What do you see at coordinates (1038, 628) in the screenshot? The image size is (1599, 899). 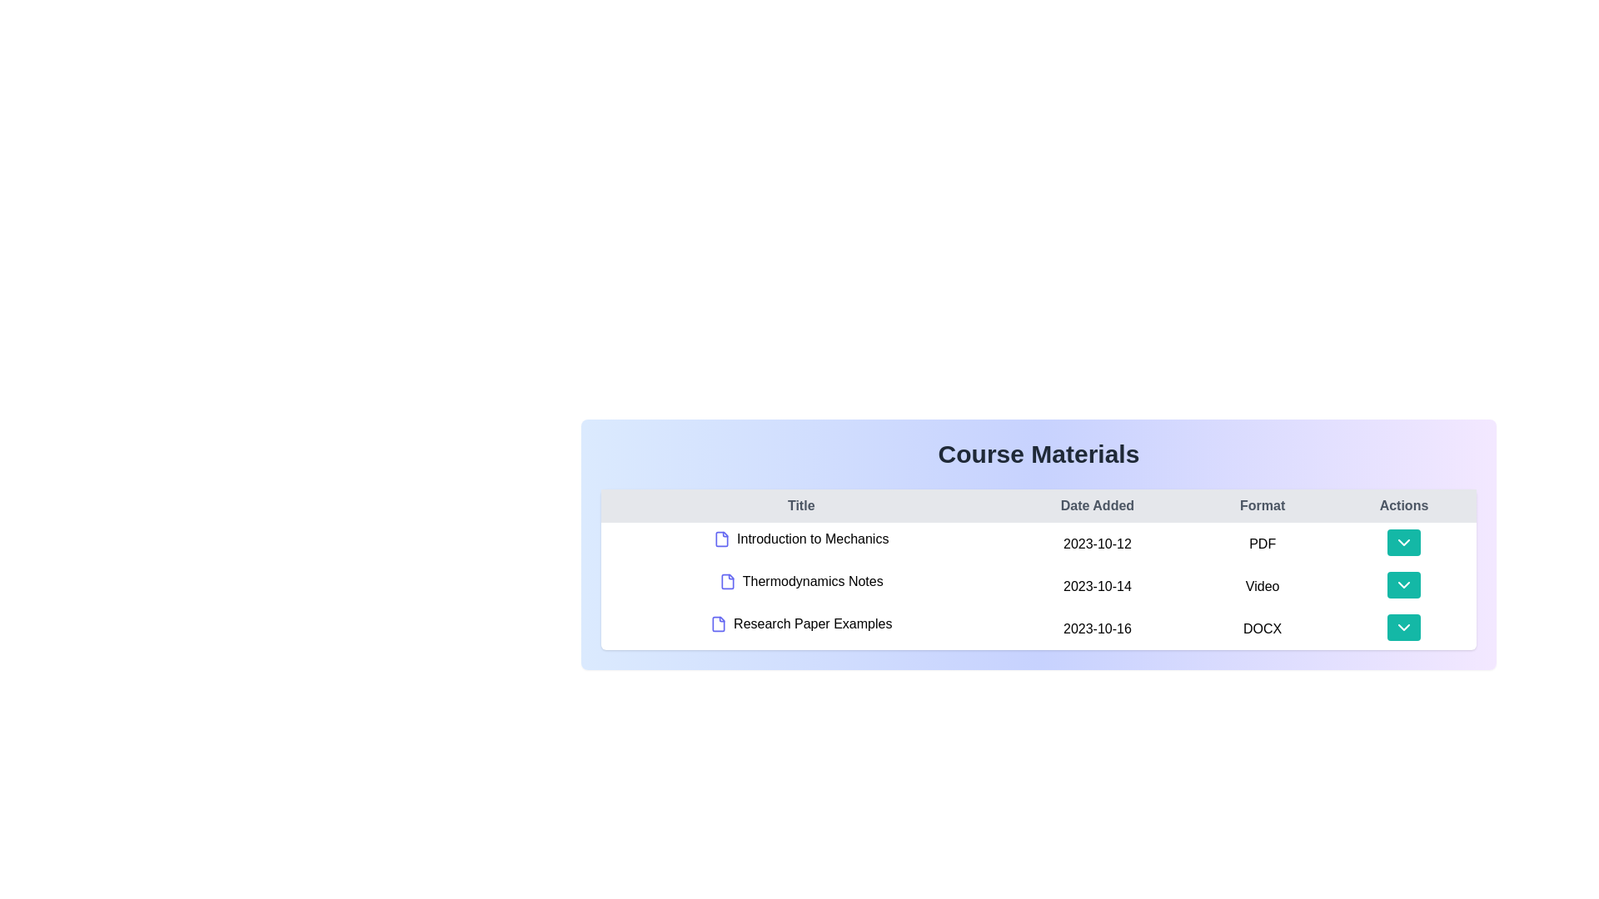 I see `the third row in the 'Course Materials' table that details a research paper example document uploaded on '2023-10-16' in 'DOCX' format` at bounding box center [1038, 628].